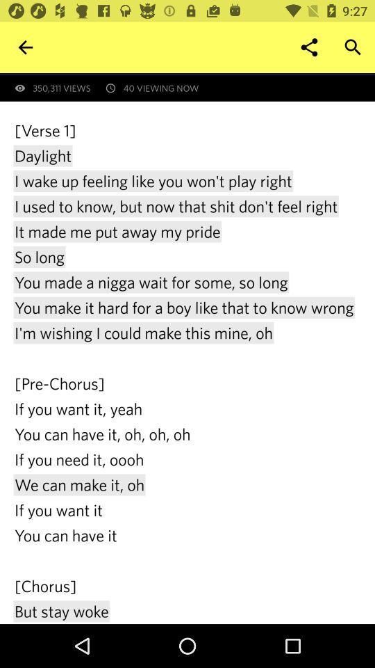 This screenshot has width=375, height=668. Describe the element at coordinates (25, 47) in the screenshot. I see `item to the left of the 40 viewing now` at that location.